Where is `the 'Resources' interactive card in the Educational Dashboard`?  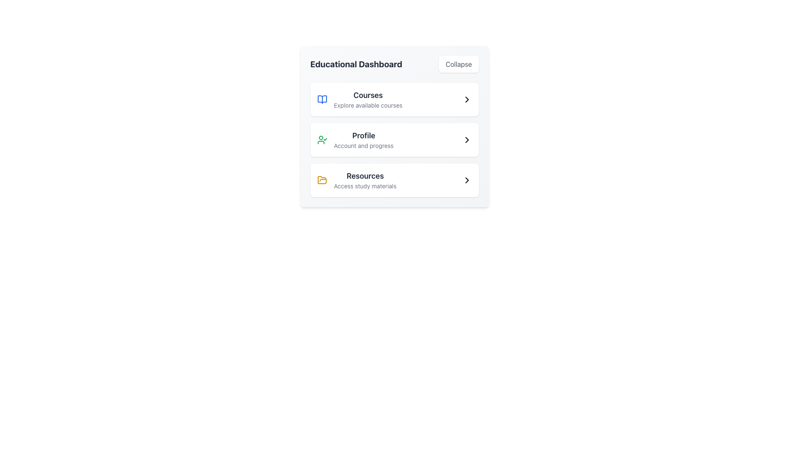 the 'Resources' interactive card in the Educational Dashboard is located at coordinates (394, 179).